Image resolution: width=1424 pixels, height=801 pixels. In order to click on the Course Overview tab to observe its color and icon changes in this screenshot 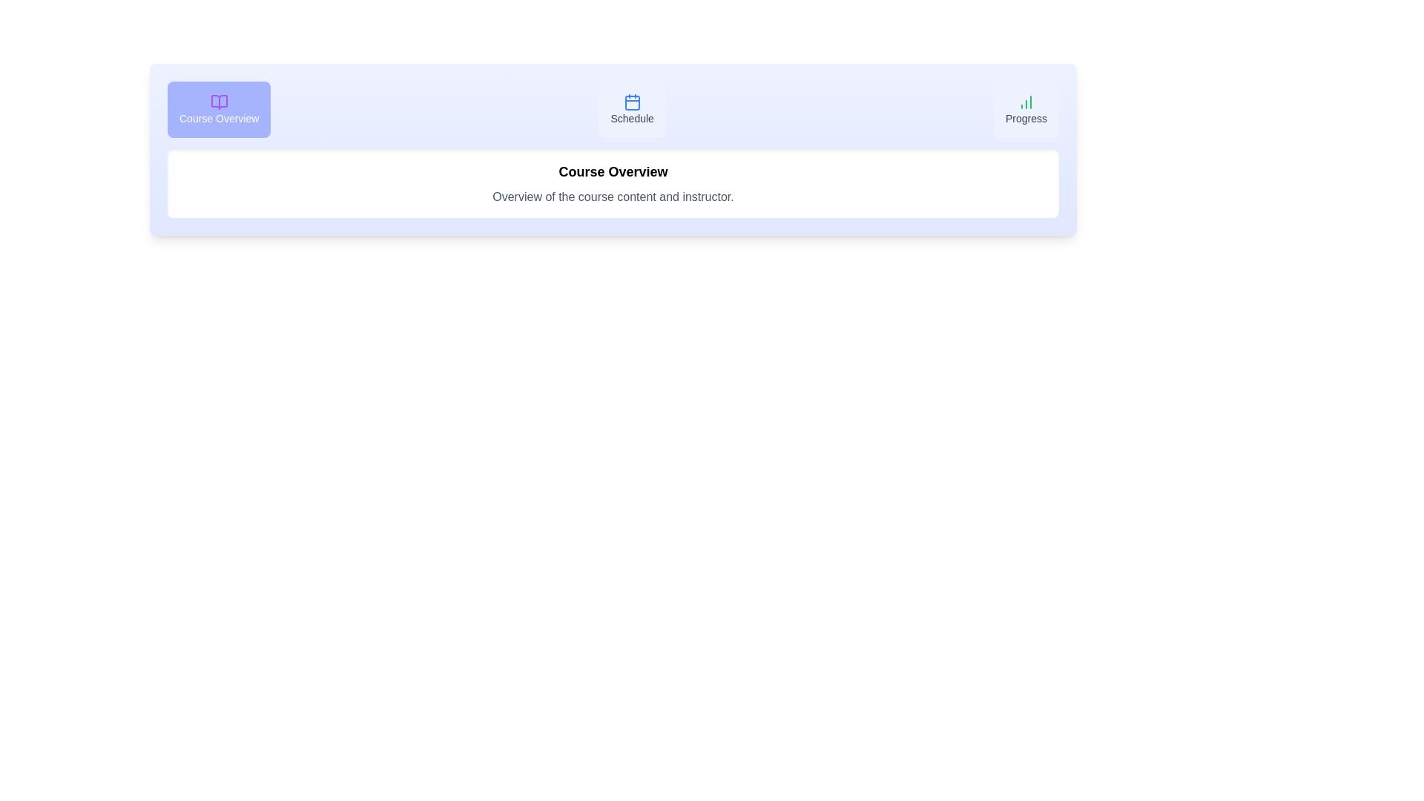, I will do `click(217, 108)`.